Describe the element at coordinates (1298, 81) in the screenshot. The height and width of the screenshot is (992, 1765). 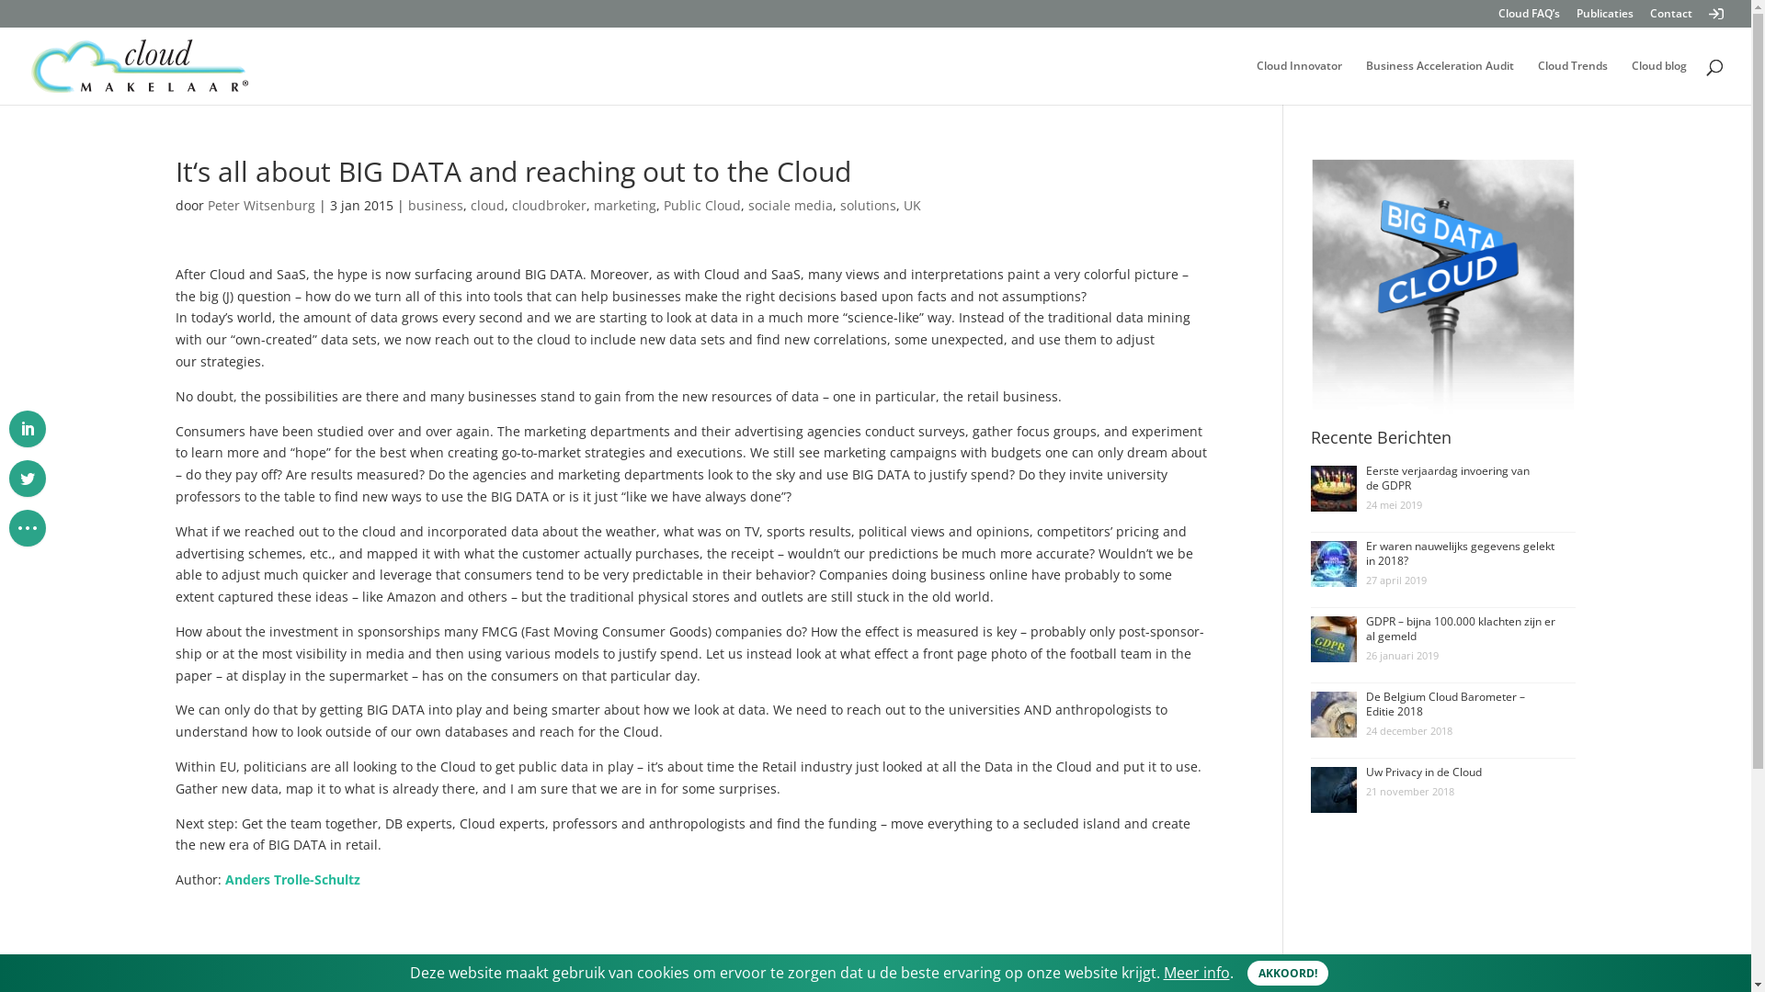
I see `'Cloud Innovator'` at that location.